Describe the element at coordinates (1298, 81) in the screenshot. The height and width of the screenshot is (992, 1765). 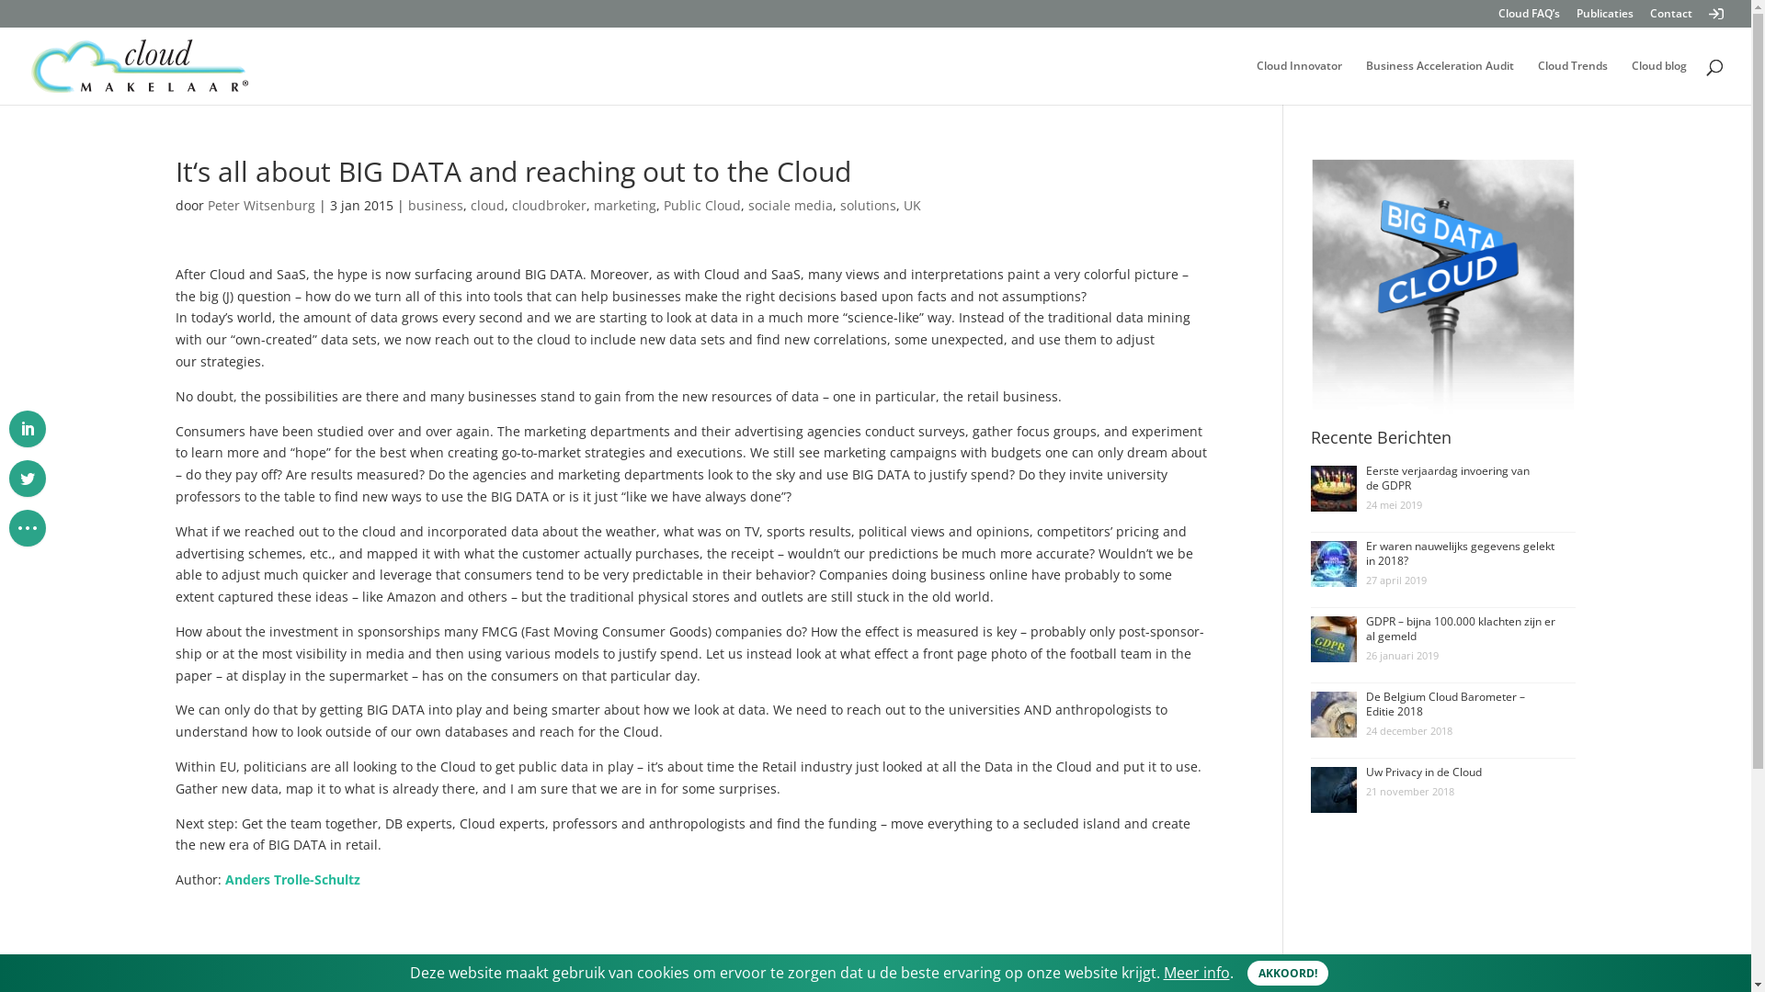
I see `'Cloud Innovator'` at that location.